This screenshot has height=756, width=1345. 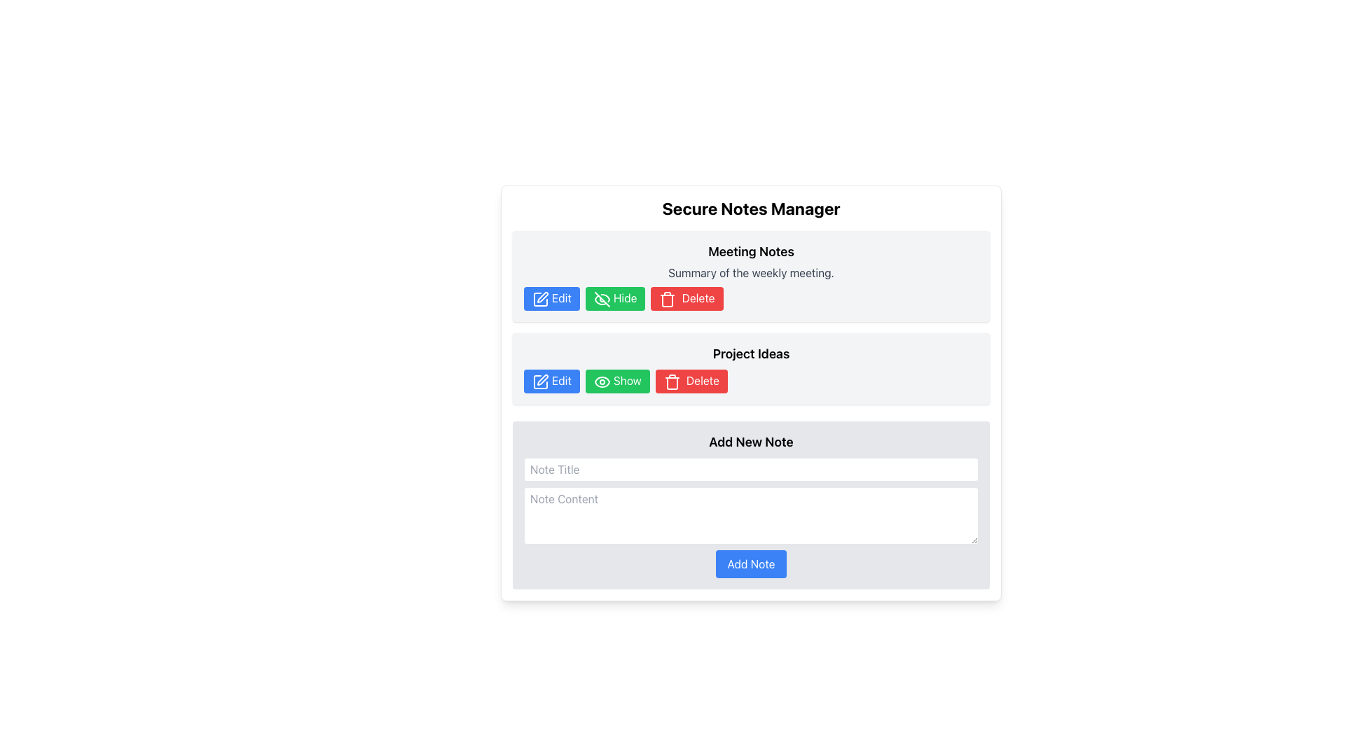 I want to click on the 'Show' icon within the green button, so click(x=602, y=381).